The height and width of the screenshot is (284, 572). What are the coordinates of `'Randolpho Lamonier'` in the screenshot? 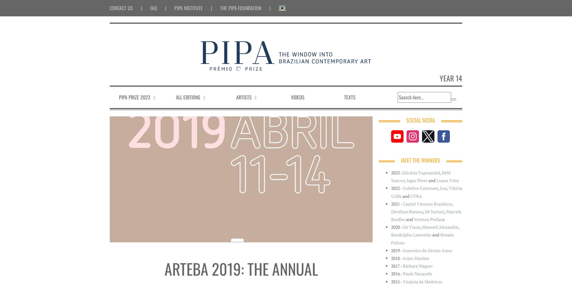 It's located at (411, 235).